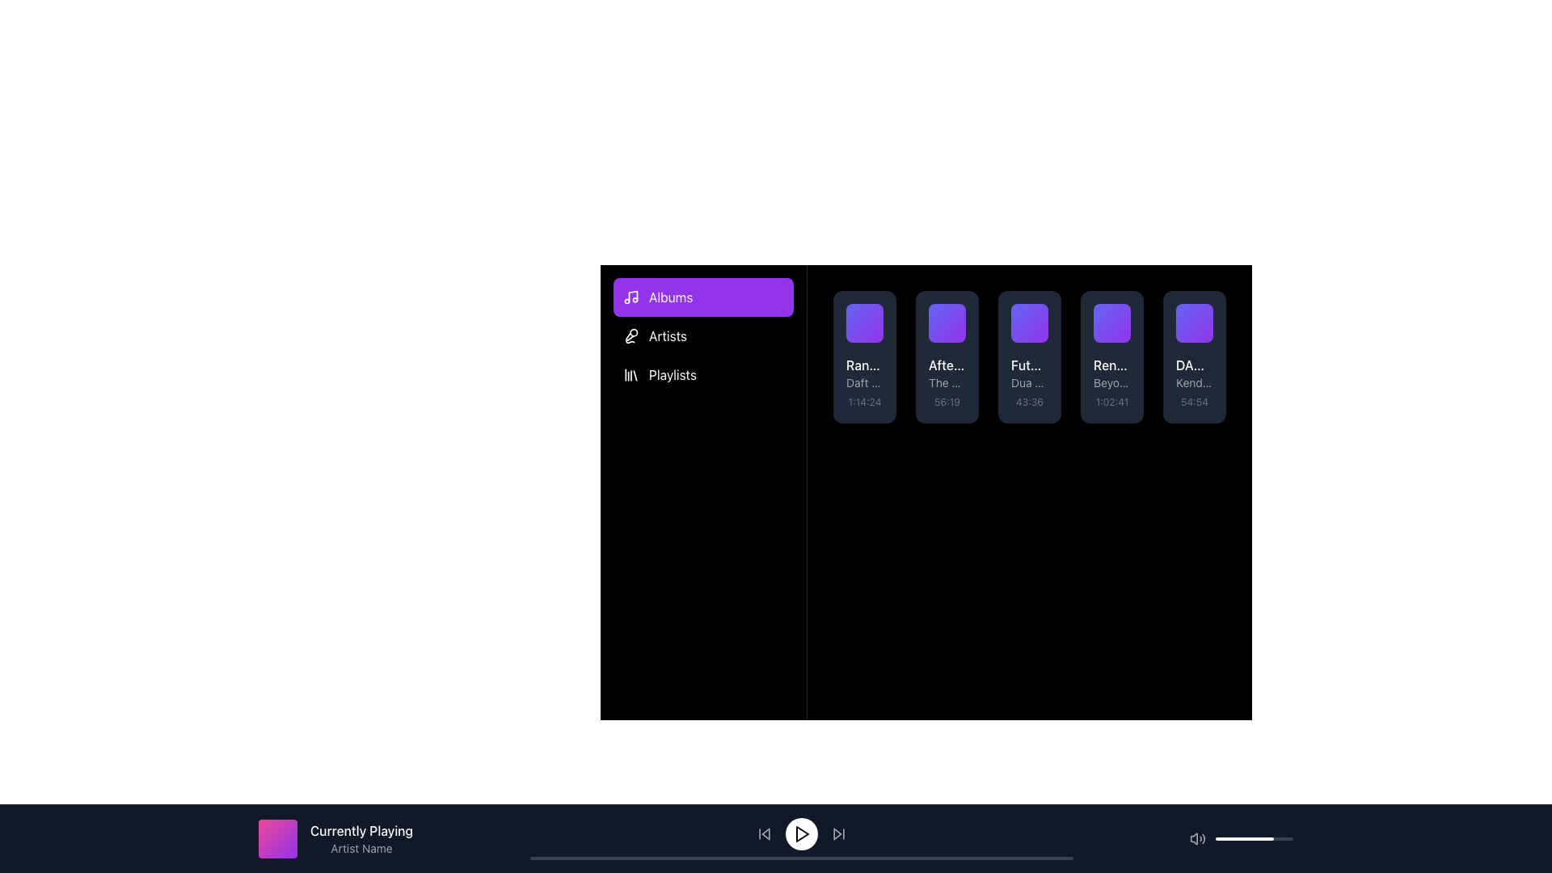 This screenshot has height=873, width=1552. Describe the element at coordinates (802, 834) in the screenshot. I see `the circular play button icon located at the bottom center of the interface` at that location.